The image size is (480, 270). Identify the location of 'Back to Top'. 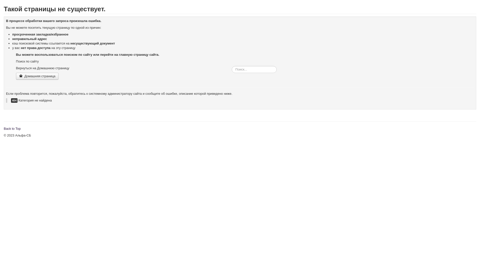
(3, 128).